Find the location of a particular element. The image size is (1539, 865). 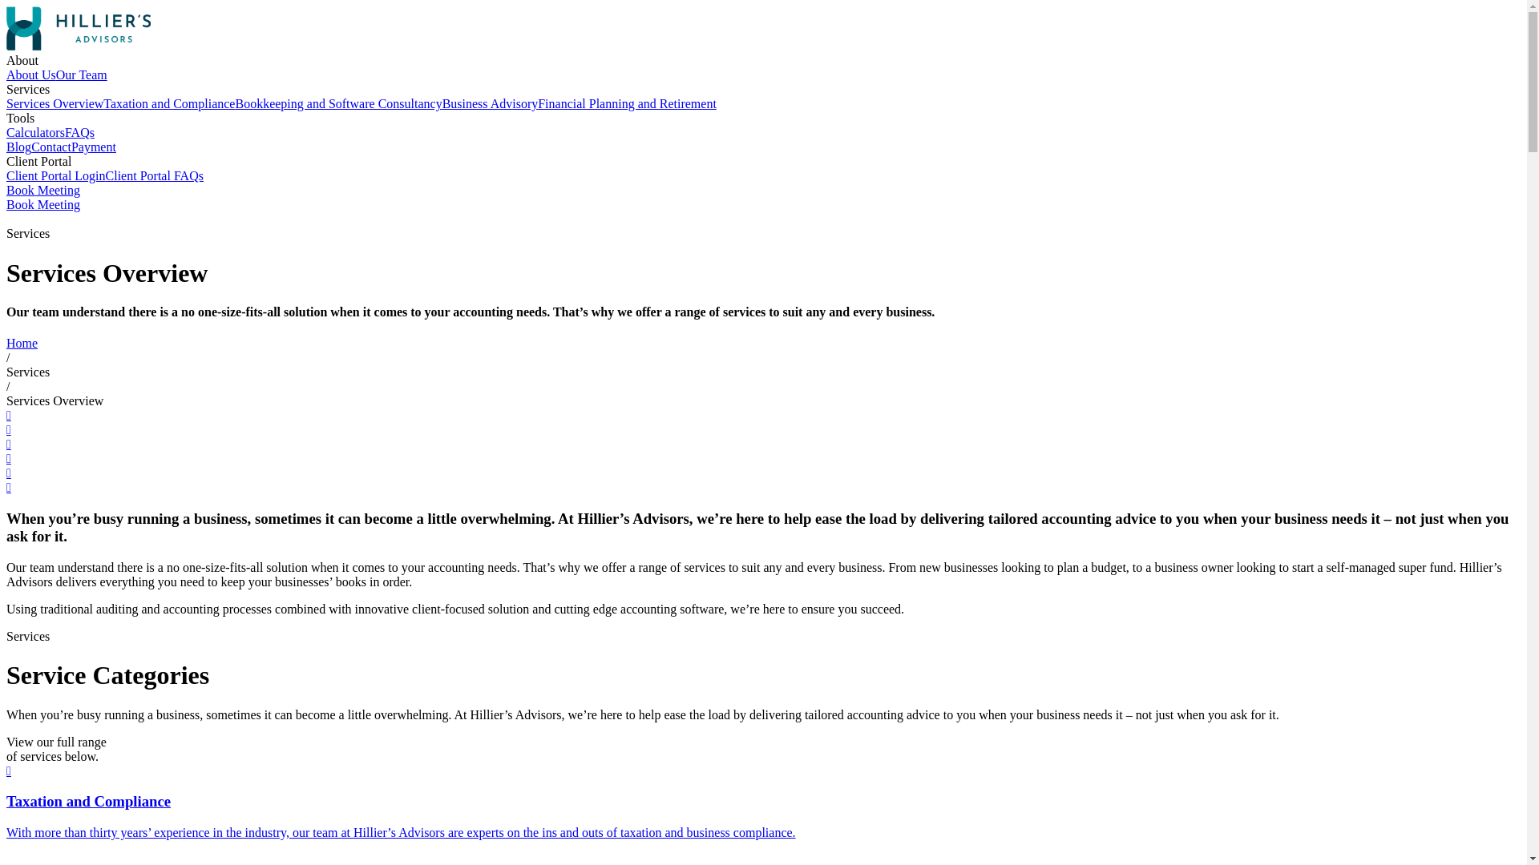

'Our Team' is located at coordinates (80, 74).